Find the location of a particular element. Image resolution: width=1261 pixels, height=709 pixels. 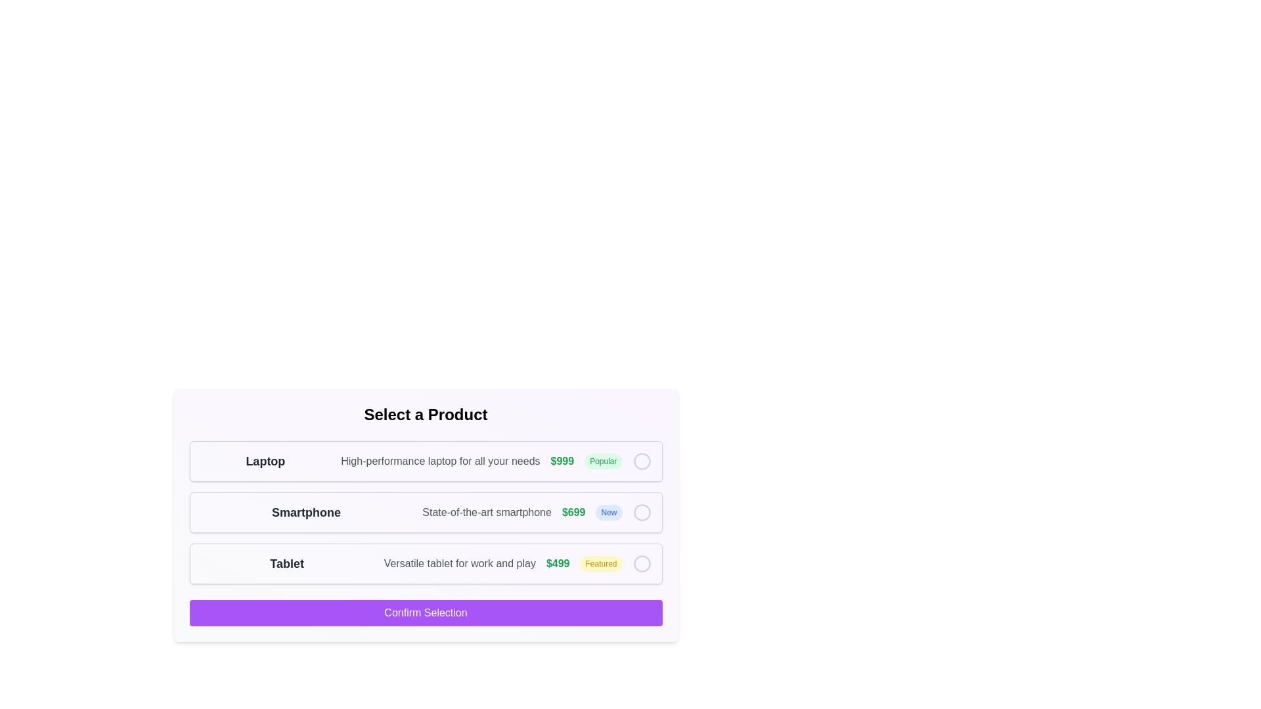

the blue pill-shaped badge labeled 'New' that is located to the immediate right of the price '$699' within the 'Smartphone' product card is located at coordinates (608, 511).